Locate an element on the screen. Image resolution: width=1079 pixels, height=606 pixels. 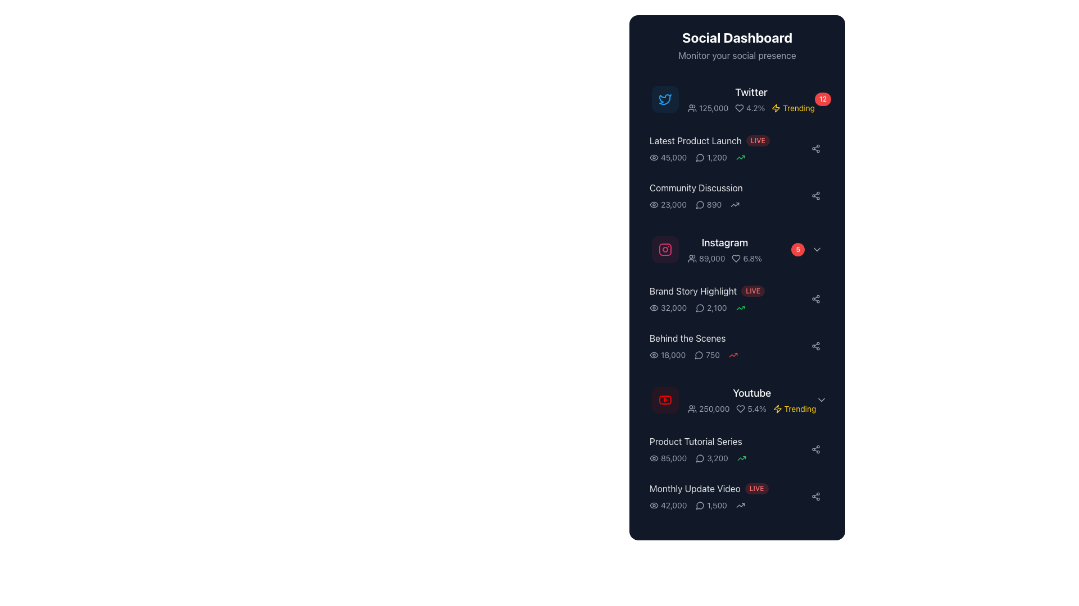
the metrics in the Information panel located in the 'Social Dashboard' section, specifically the second item under 'Twitter' for further details is located at coordinates (737, 148).